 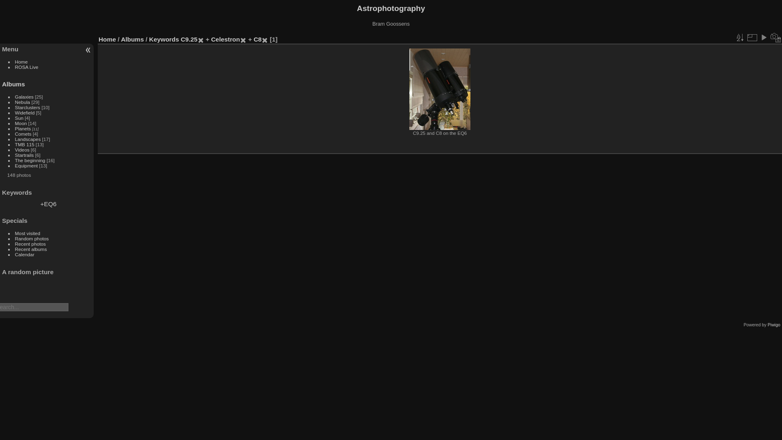 What do you see at coordinates (257, 39) in the screenshot?
I see `'C8'` at bounding box center [257, 39].